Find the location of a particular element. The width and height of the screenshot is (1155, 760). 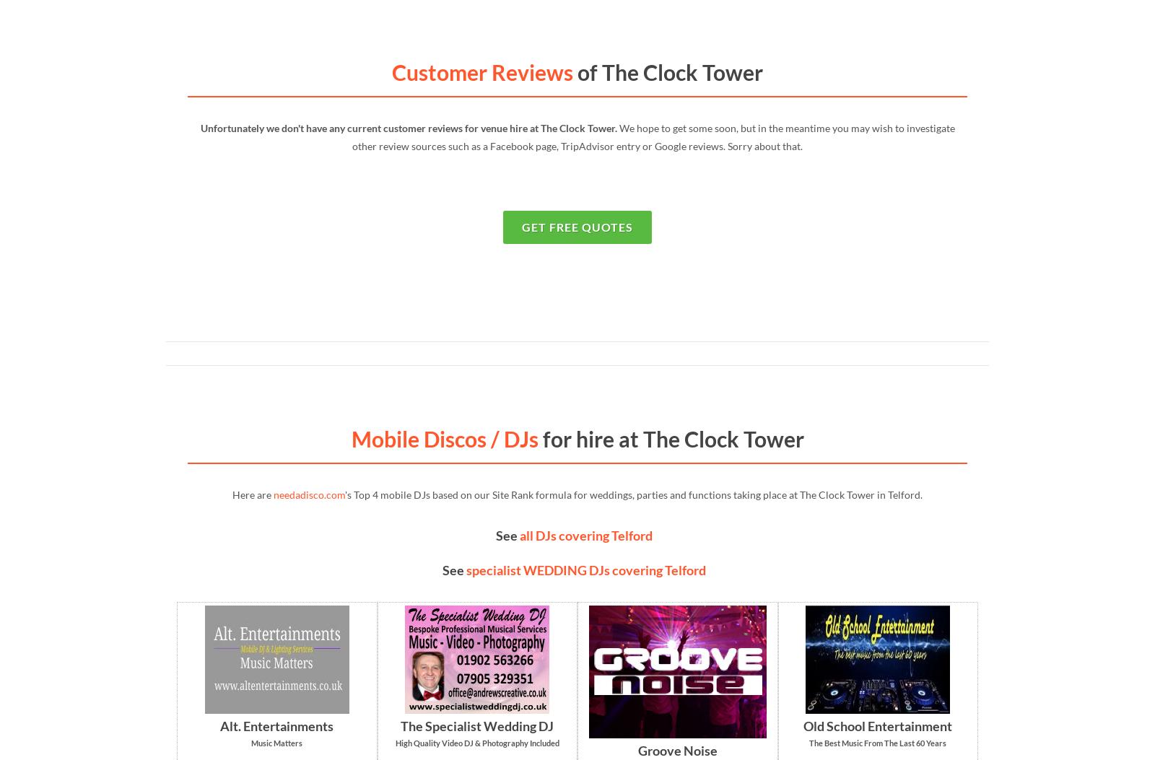

'Live Entertainment' is located at coordinates (725, 391).